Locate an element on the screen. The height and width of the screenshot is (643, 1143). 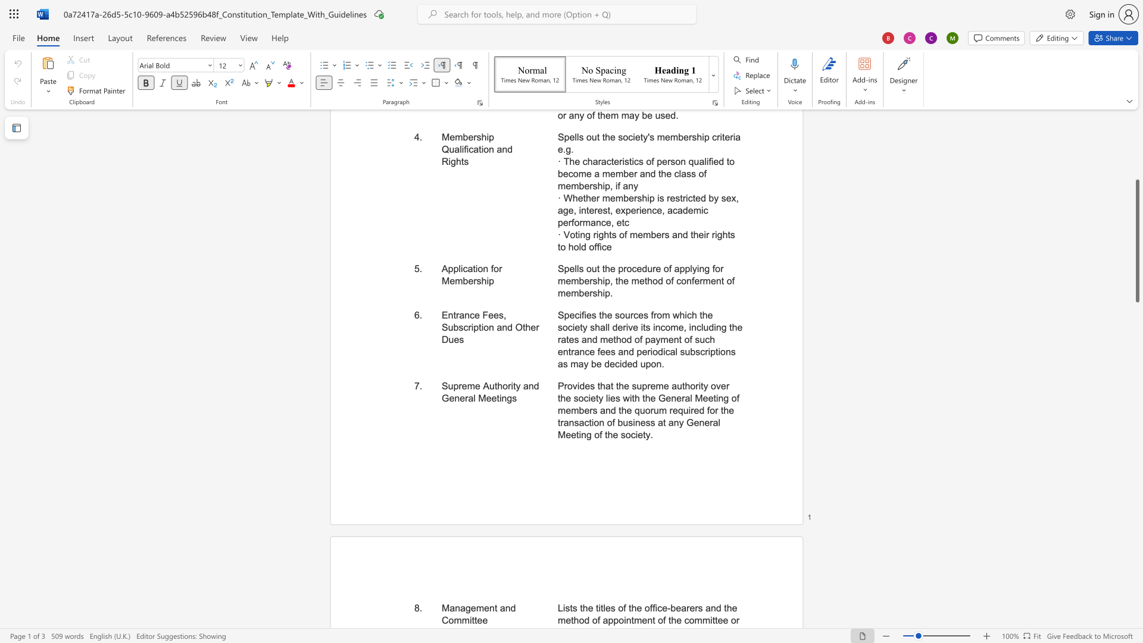
the scrollbar on the side is located at coordinates (1136, 201).